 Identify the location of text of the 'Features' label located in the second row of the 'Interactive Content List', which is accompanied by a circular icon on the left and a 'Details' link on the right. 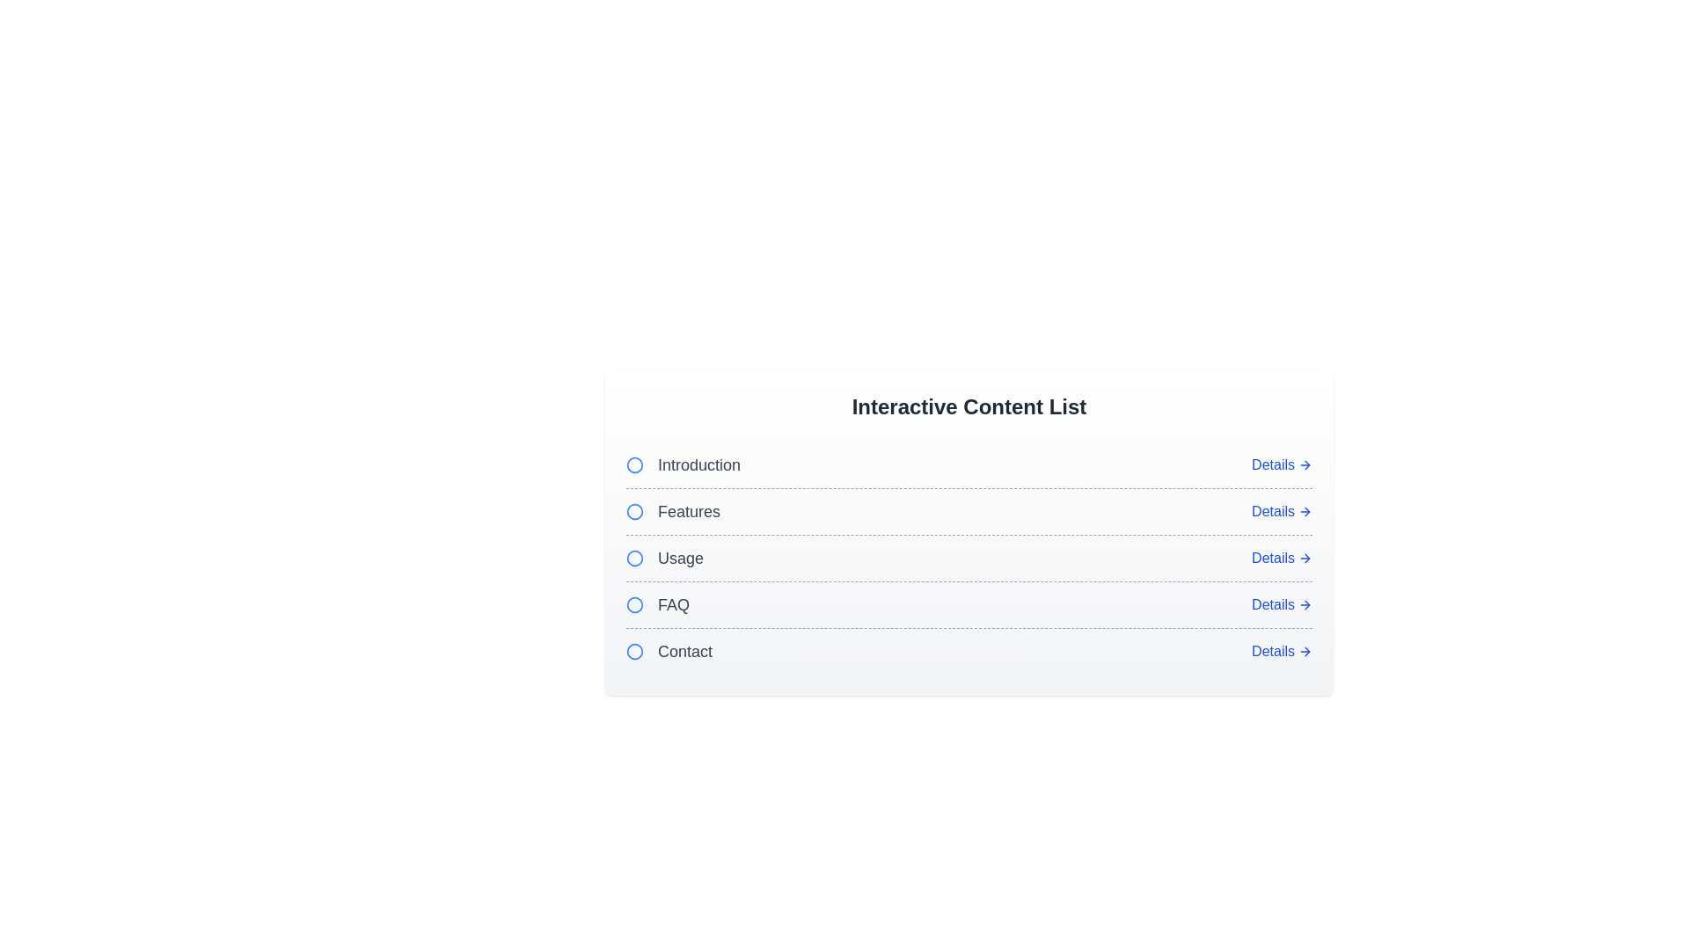
(688, 512).